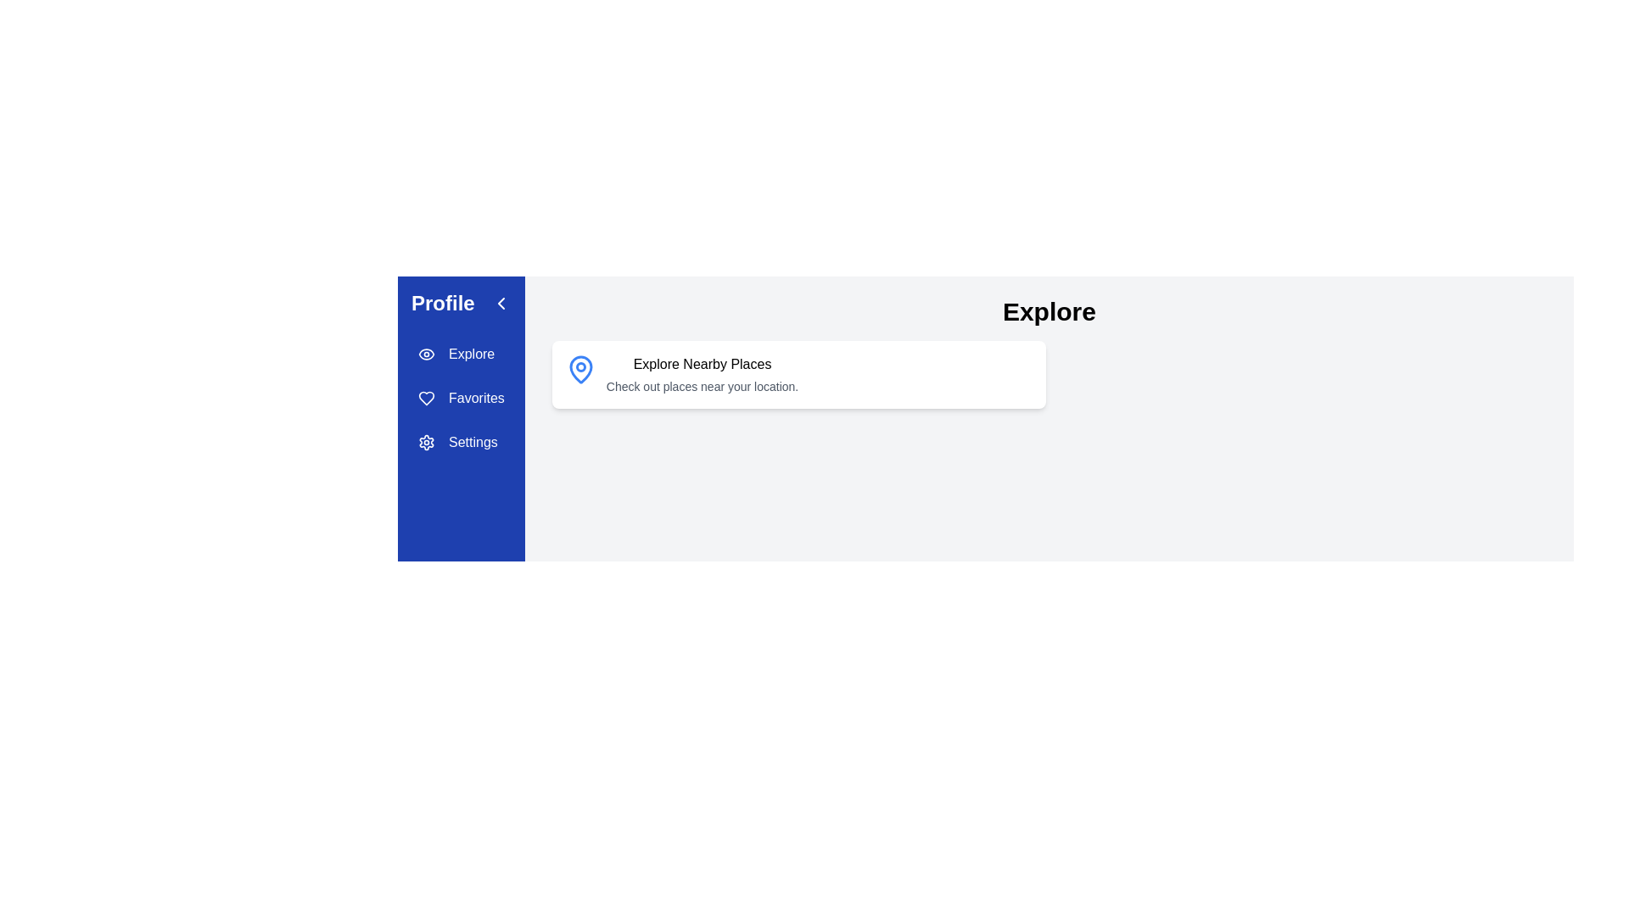 Image resolution: width=1629 pixels, height=916 pixels. What do you see at coordinates (427, 399) in the screenshot?
I see `the 'Favorites' icon located in the left navigation menu, positioned next to the 'Favorites' text label` at bounding box center [427, 399].